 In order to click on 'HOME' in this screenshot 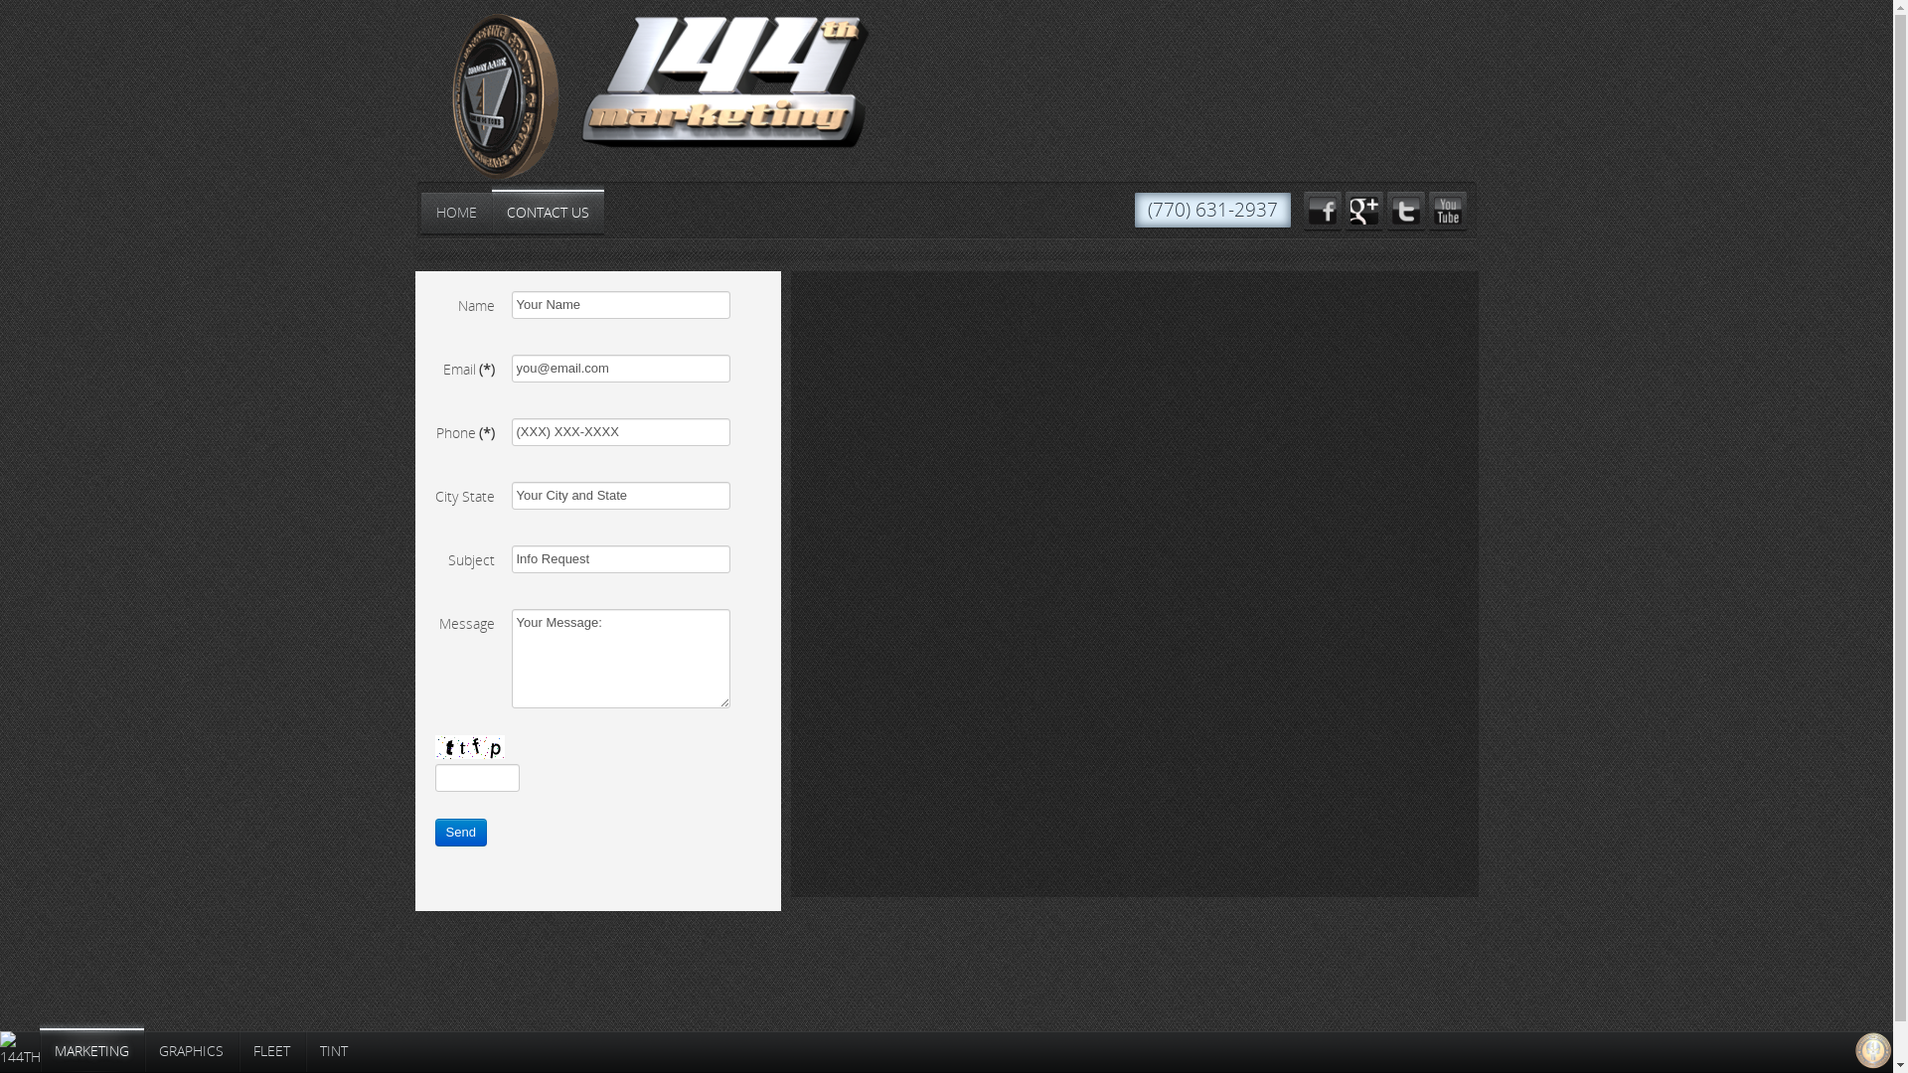, I will do `click(455, 213)`.